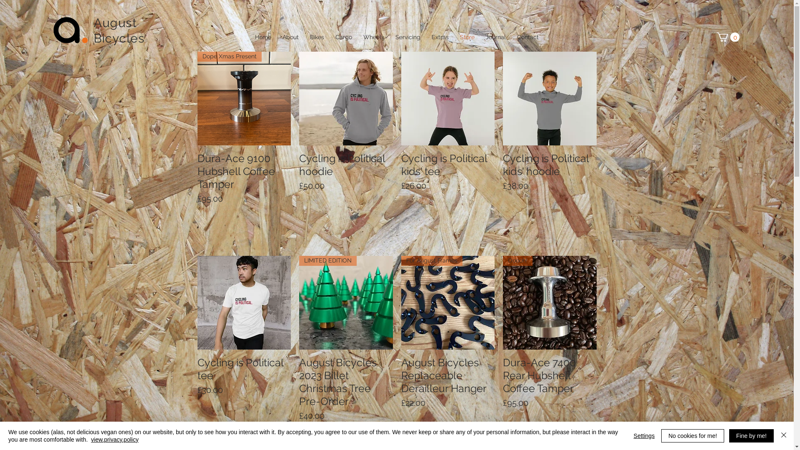 This screenshot has width=800, height=450. What do you see at coordinates (91, 439) in the screenshot?
I see `'view.privacy.policy'` at bounding box center [91, 439].